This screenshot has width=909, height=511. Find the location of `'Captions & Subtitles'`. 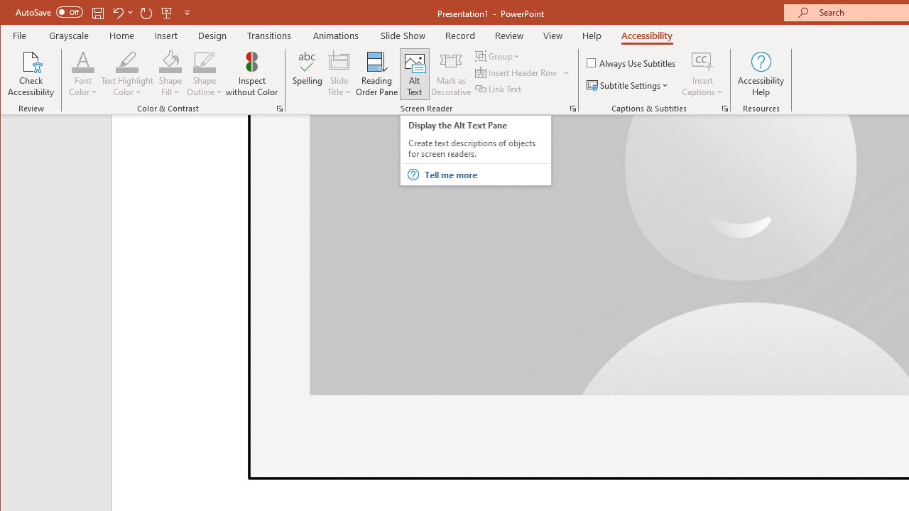

'Captions & Subtitles' is located at coordinates (724, 108).